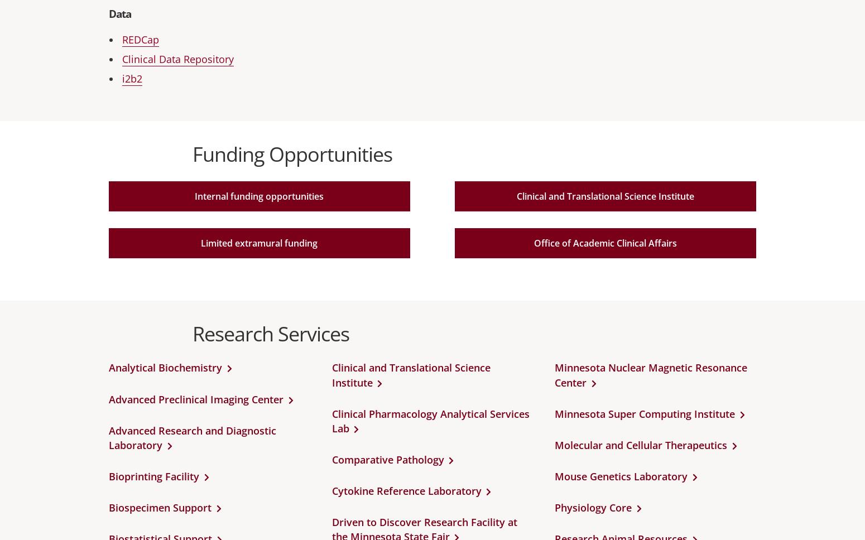 The image size is (865, 540). I want to click on 'REDCap', so click(141, 38).